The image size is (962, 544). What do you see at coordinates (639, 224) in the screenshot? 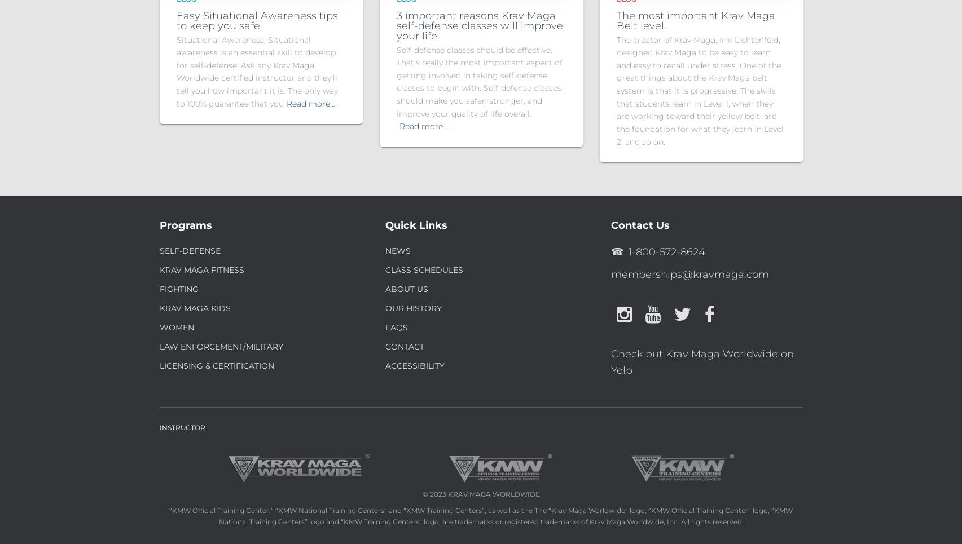
I see `'Contact Us'` at bounding box center [639, 224].